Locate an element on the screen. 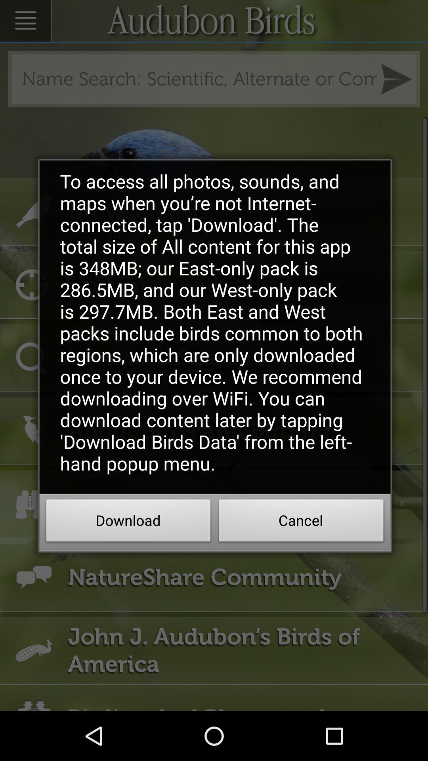 Image resolution: width=428 pixels, height=761 pixels. the send icon is located at coordinates (396, 84).